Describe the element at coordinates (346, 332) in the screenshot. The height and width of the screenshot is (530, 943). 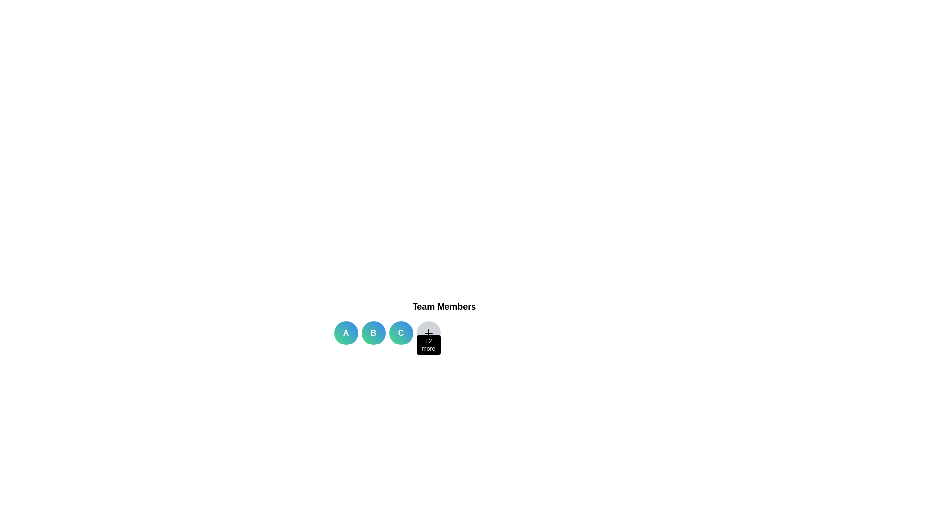
I see `the Avatar or Profile Picture, which is the leftmost circular icon in a row of four, representing a user or entity within the 'ABC+2 more' group` at that location.